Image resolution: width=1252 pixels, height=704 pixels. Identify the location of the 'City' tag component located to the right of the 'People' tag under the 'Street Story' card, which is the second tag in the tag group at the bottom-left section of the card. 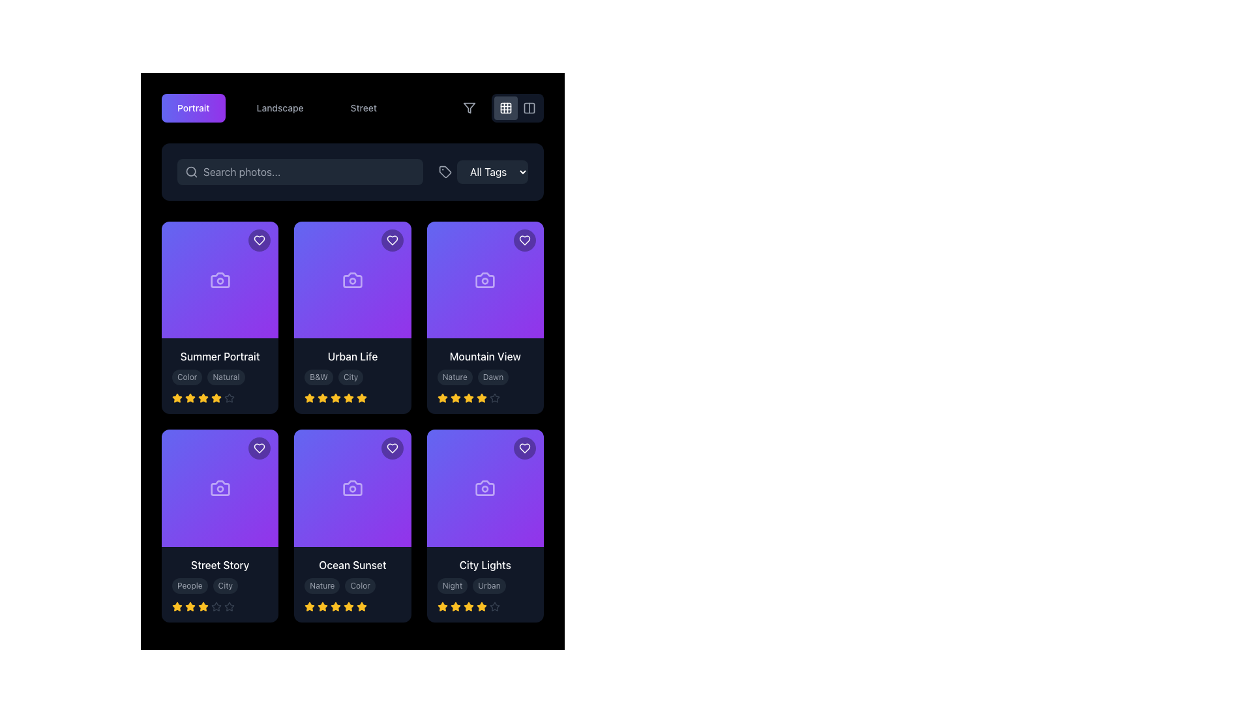
(220, 585).